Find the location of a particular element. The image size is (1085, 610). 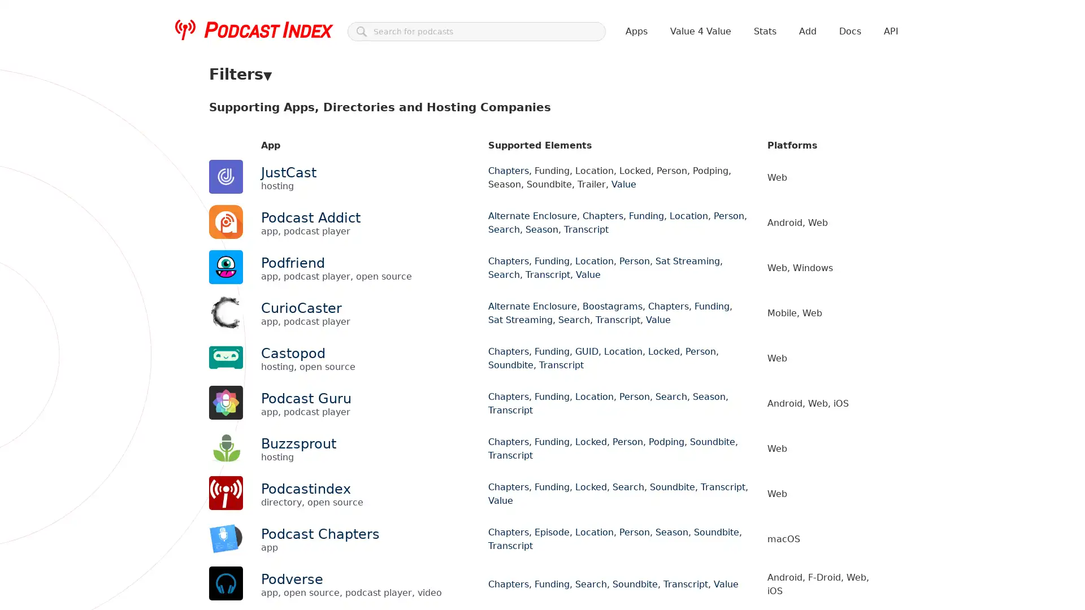

GUID is located at coordinates (533, 171).